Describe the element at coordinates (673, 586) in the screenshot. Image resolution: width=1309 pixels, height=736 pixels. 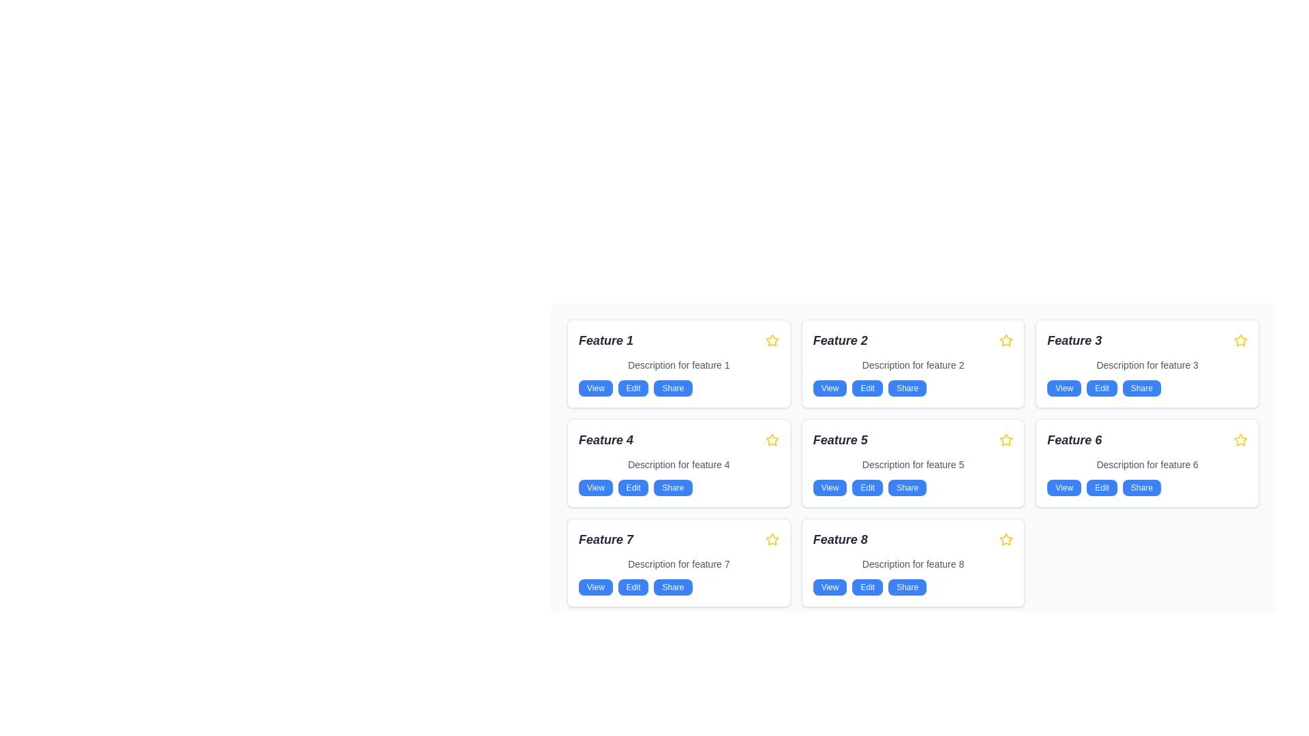
I see `the 'Share' button with a blue background and white text, which is the third button in the group of three at the bottom of the card for 'Feature 7'` at that location.